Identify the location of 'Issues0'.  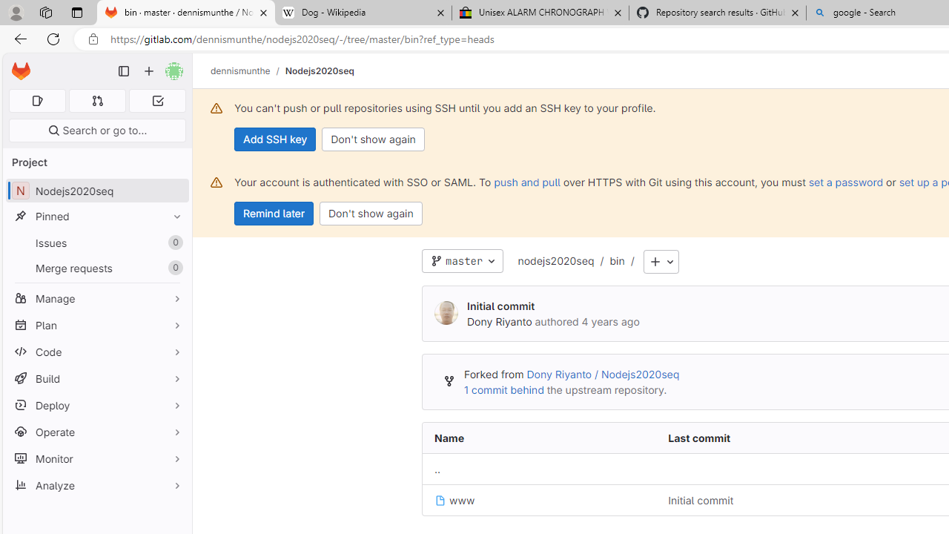
(96, 242).